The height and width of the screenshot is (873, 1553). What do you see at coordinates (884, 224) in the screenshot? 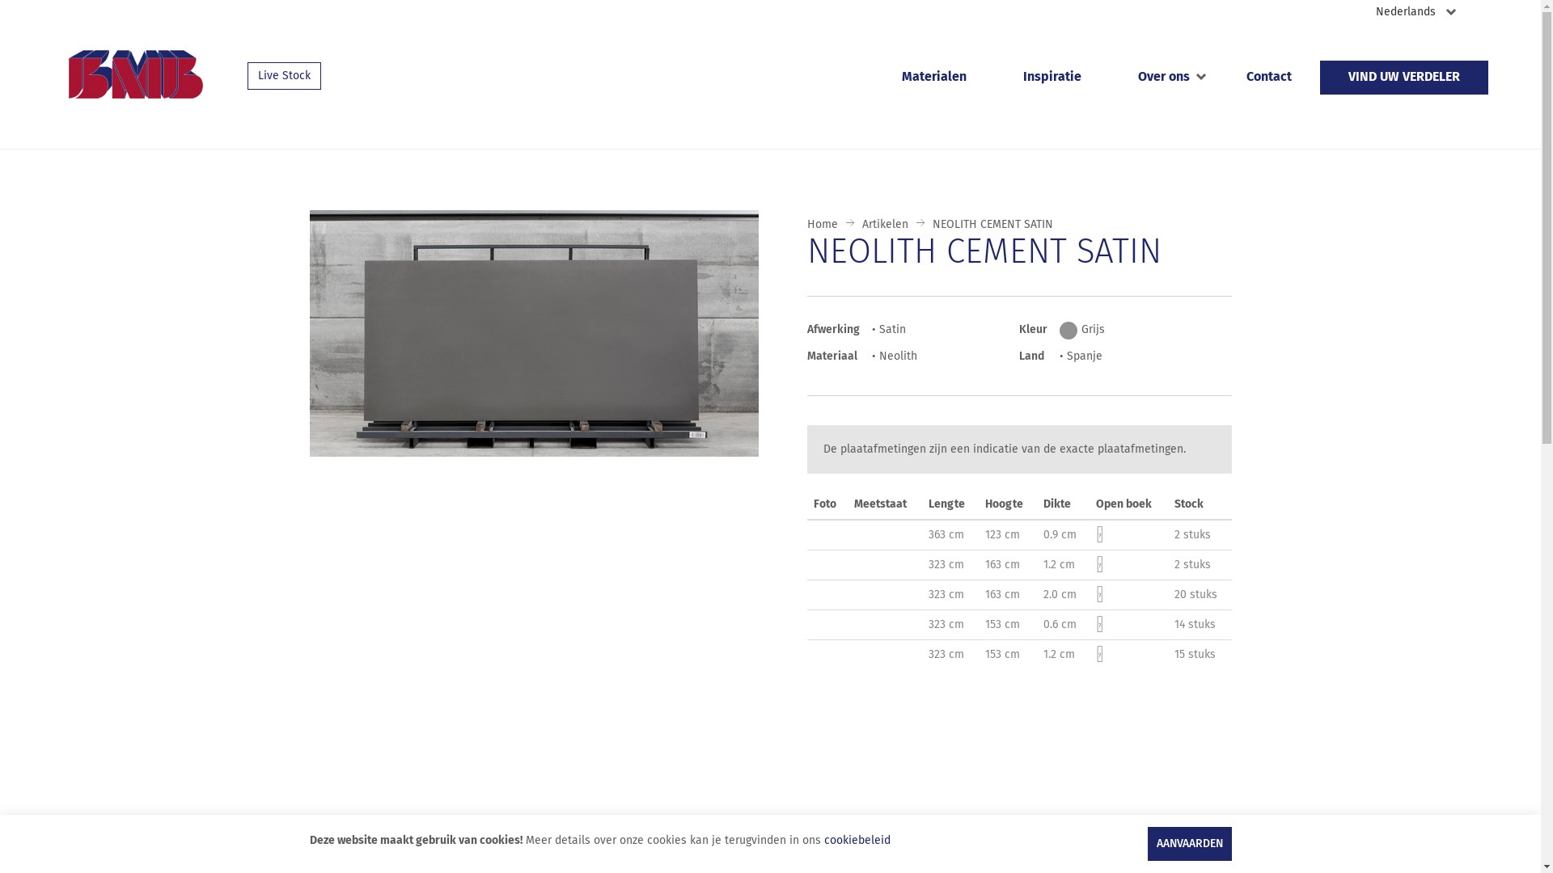
I see `'Artikelen'` at bounding box center [884, 224].